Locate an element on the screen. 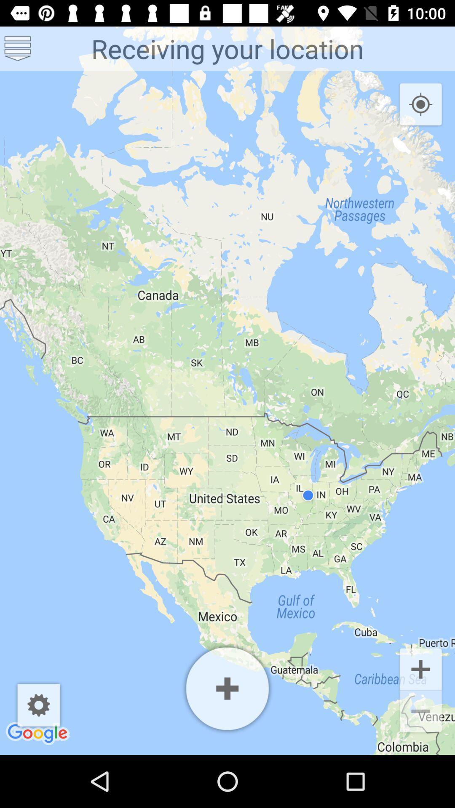 This screenshot has height=808, width=455. an item is located at coordinates (227, 688).